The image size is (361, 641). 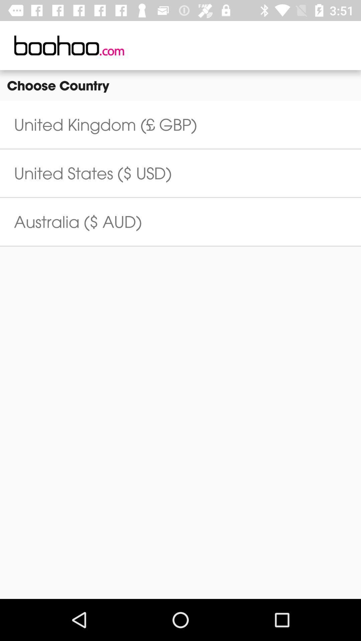 What do you see at coordinates (105, 125) in the screenshot?
I see `the icon above the united states ($ usd) icon` at bounding box center [105, 125].